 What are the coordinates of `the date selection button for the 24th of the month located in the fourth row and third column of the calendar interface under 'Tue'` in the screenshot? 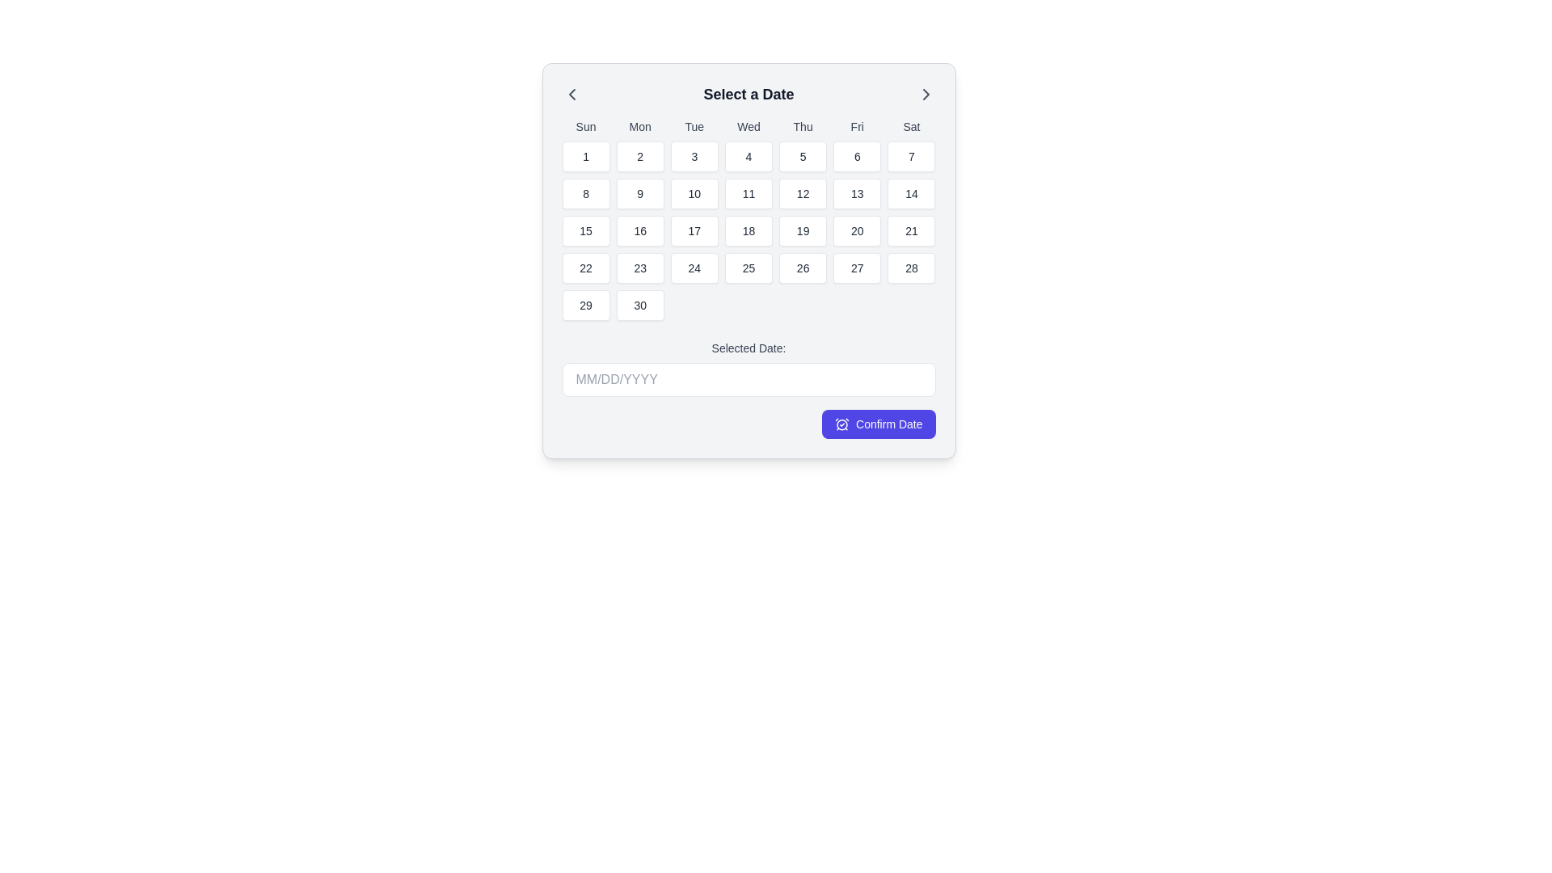 It's located at (694, 267).